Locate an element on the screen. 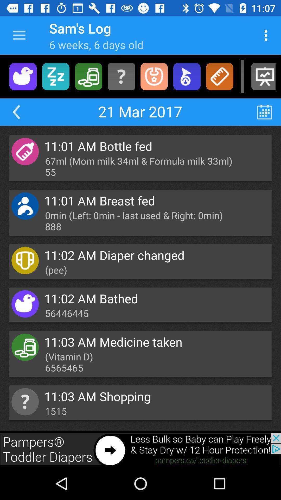 The image size is (281, 500). advertisement is located at coordinates (121, 76).